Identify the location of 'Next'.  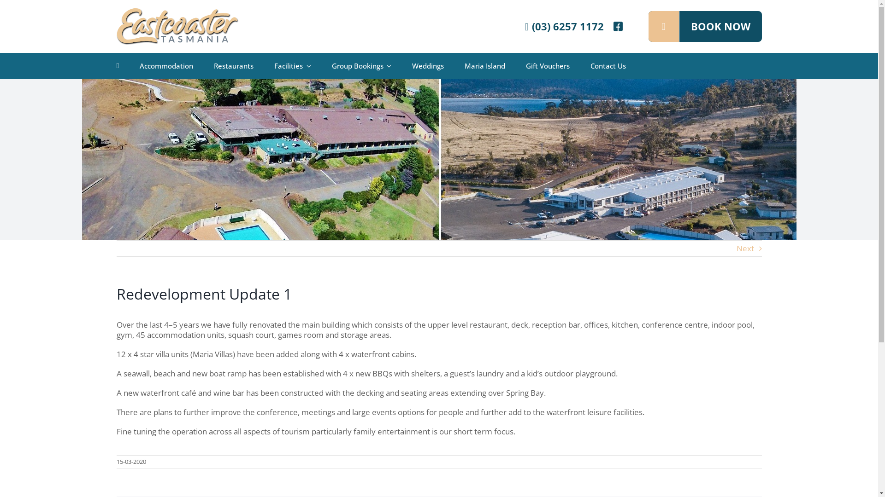
(745, 248).